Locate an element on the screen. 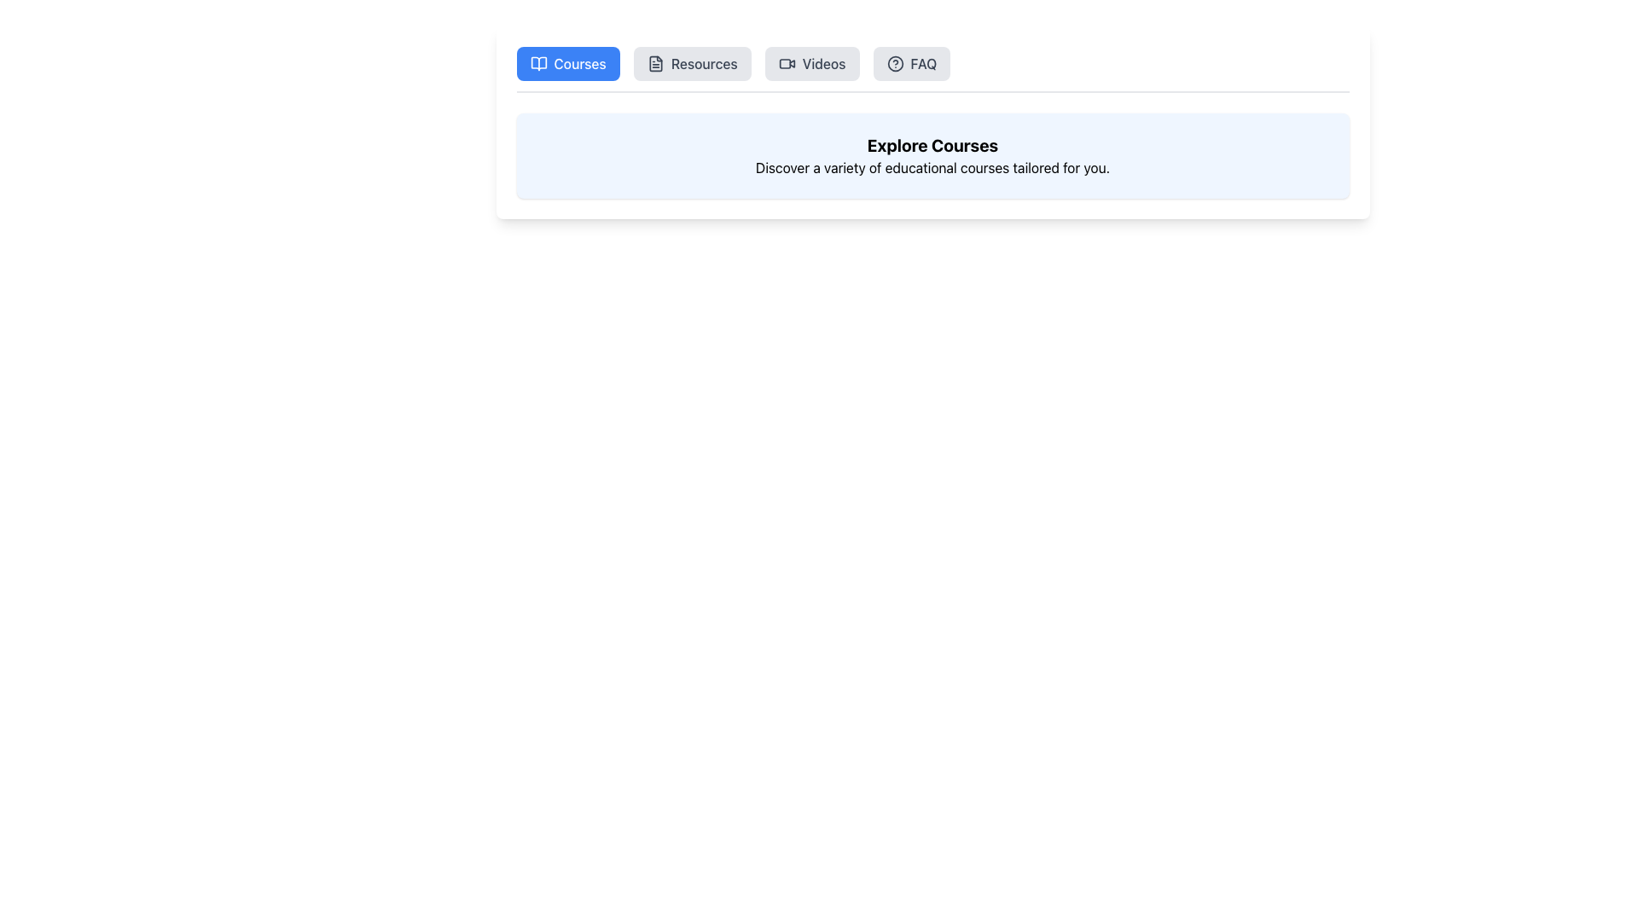 The width and height of the screenshot is (1638, 921). the 'Courses' button, which is a horizontally rectangular button with rounded corners, blue background, and white text, located in the top-middle navigation bar is located at coordinates (568, 62).